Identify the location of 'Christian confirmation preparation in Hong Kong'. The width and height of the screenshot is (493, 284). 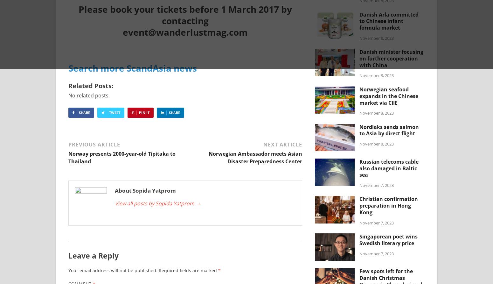
(389, 205).